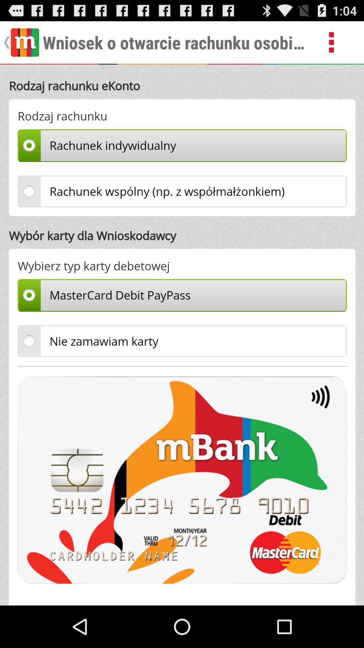 This screenshot has height=648, width=364. Describe the element at coordinates (339, 42) in the screenshot. I see `options` at that location.